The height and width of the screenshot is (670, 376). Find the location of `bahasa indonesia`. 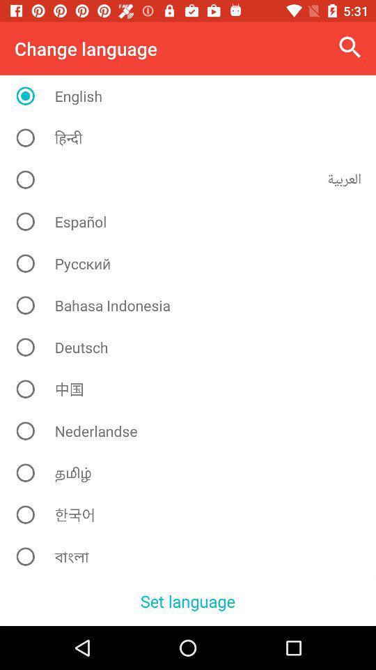

bahasa indonesia is located at coordinates (192, 305).